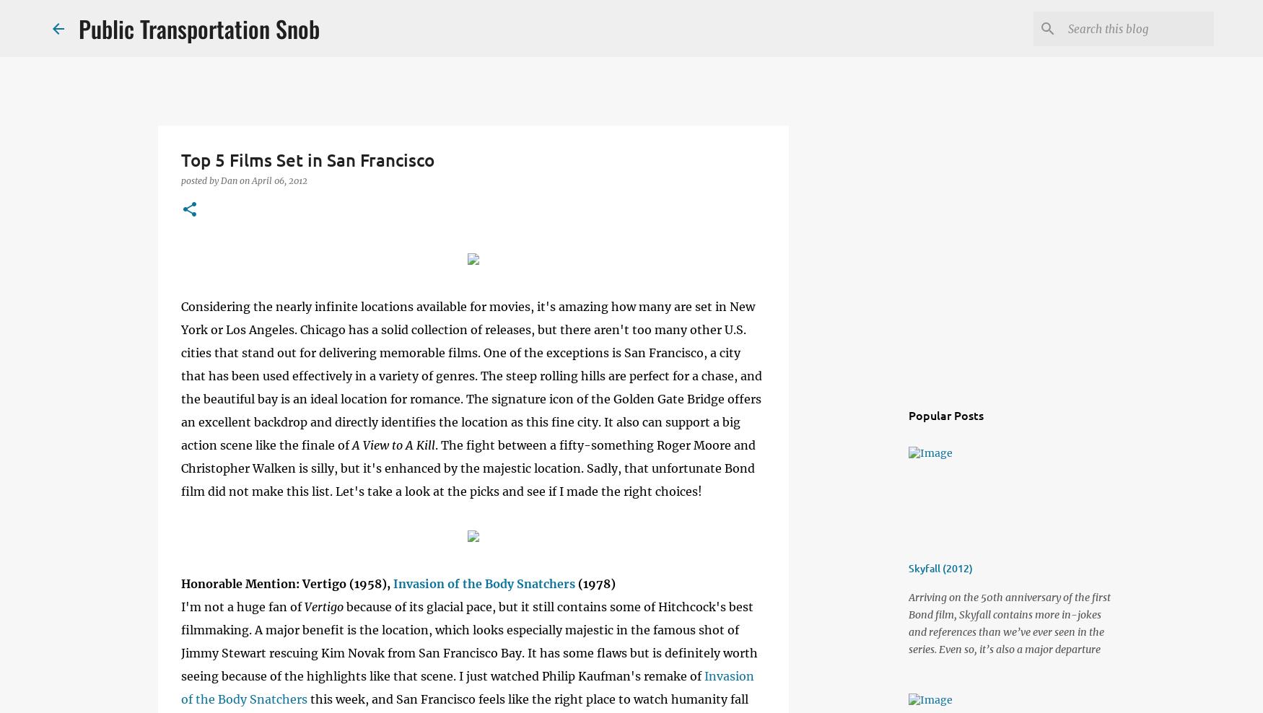 This screenshot has height=713, width=1263. Describe the element at coordinates (393, 445) in the screenshot. I see `'A View to A Kill'` at that location.